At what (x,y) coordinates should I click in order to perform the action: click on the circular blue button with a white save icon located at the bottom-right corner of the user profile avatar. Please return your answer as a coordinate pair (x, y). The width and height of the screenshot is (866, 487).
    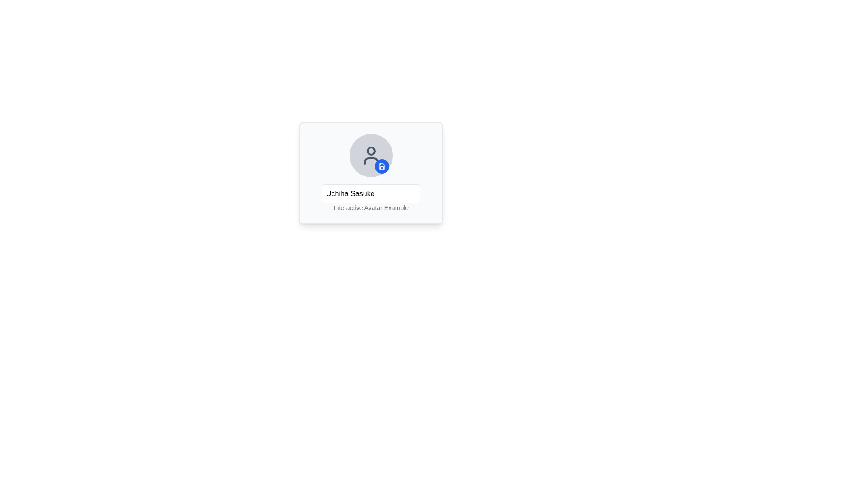
    Looking at the image, I should click on (382, 166).